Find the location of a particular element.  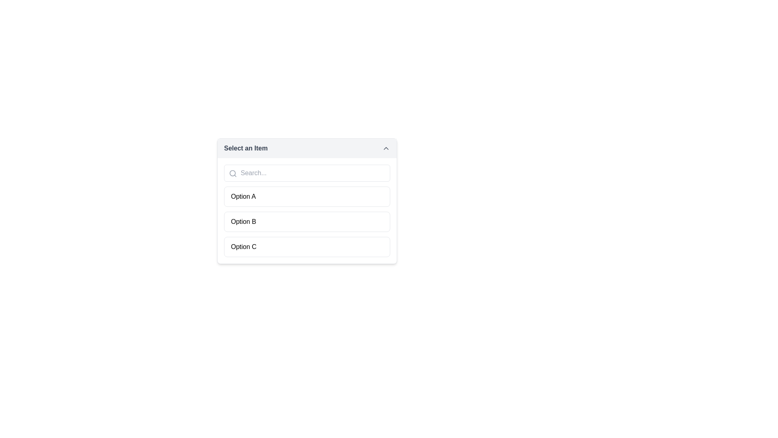

the text label element that reads 'Option C', which is styled with black text on a white background and is the last item in a vertically ordered list of selectable items is located at coordinates (243, 247).